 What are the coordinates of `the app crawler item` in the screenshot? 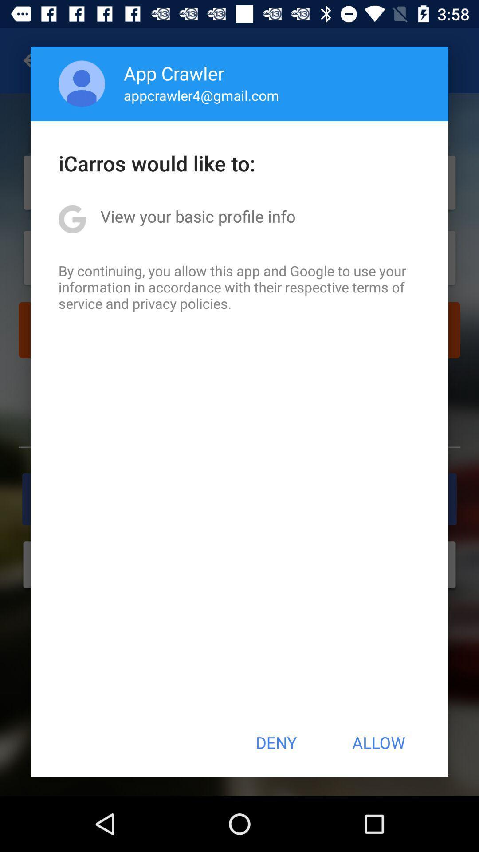 It's located at (174, 73).